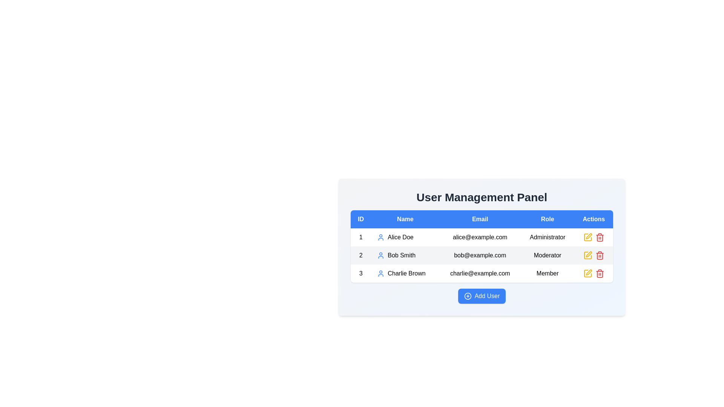 This screenshot has height=407, width=724. What do you see at coordinates (405, 273) in the screenshot?
I see `the user identity element for 'Charlie Brown', which is represented by an icon-text combination in the user management panel, located in the second column of the third row under the 'Name' header` at bounding box center [405, 273].